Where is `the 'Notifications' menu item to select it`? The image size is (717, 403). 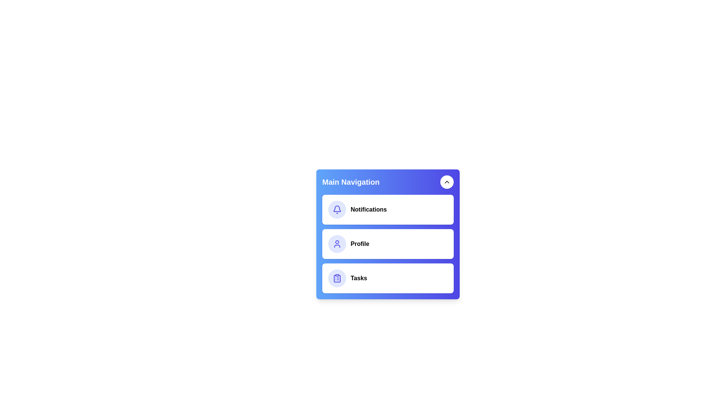 the 'Notifications' menu item to select it is located at coordinates (388, 210).